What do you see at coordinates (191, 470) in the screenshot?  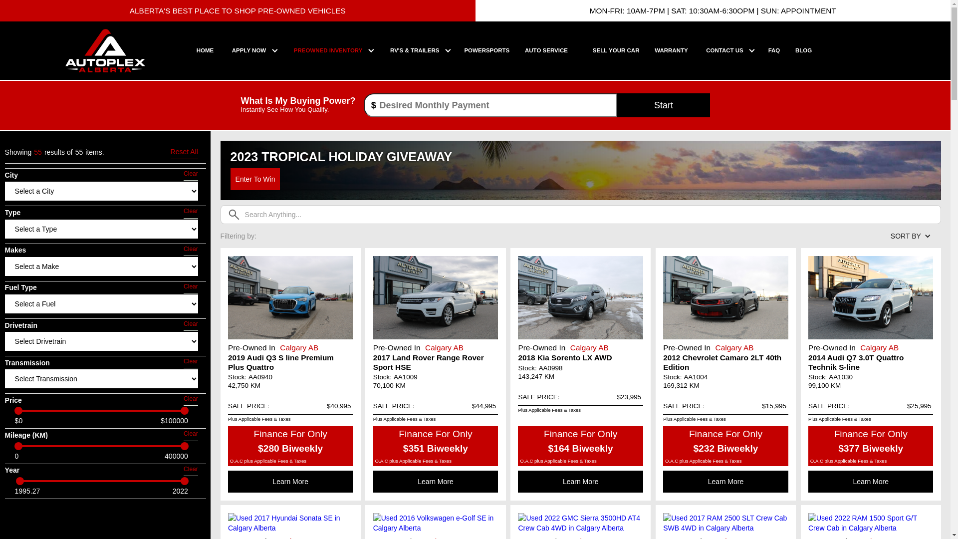 I see `'Clear'` at bounding box center [191, 470].